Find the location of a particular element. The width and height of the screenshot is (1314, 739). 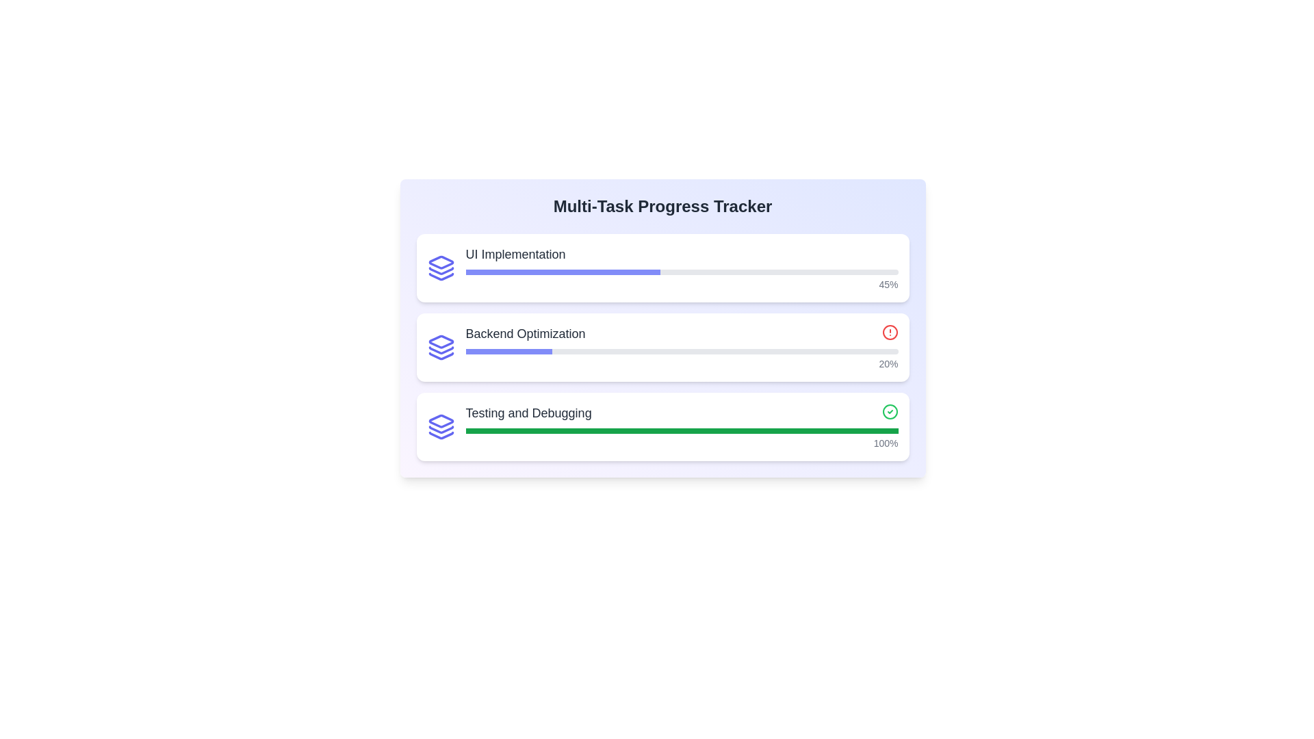

the horizontal progress bar displaying '45%' at its right end, which is the second major visual component in the UI Implementation section is located at coordinates (682, 279).